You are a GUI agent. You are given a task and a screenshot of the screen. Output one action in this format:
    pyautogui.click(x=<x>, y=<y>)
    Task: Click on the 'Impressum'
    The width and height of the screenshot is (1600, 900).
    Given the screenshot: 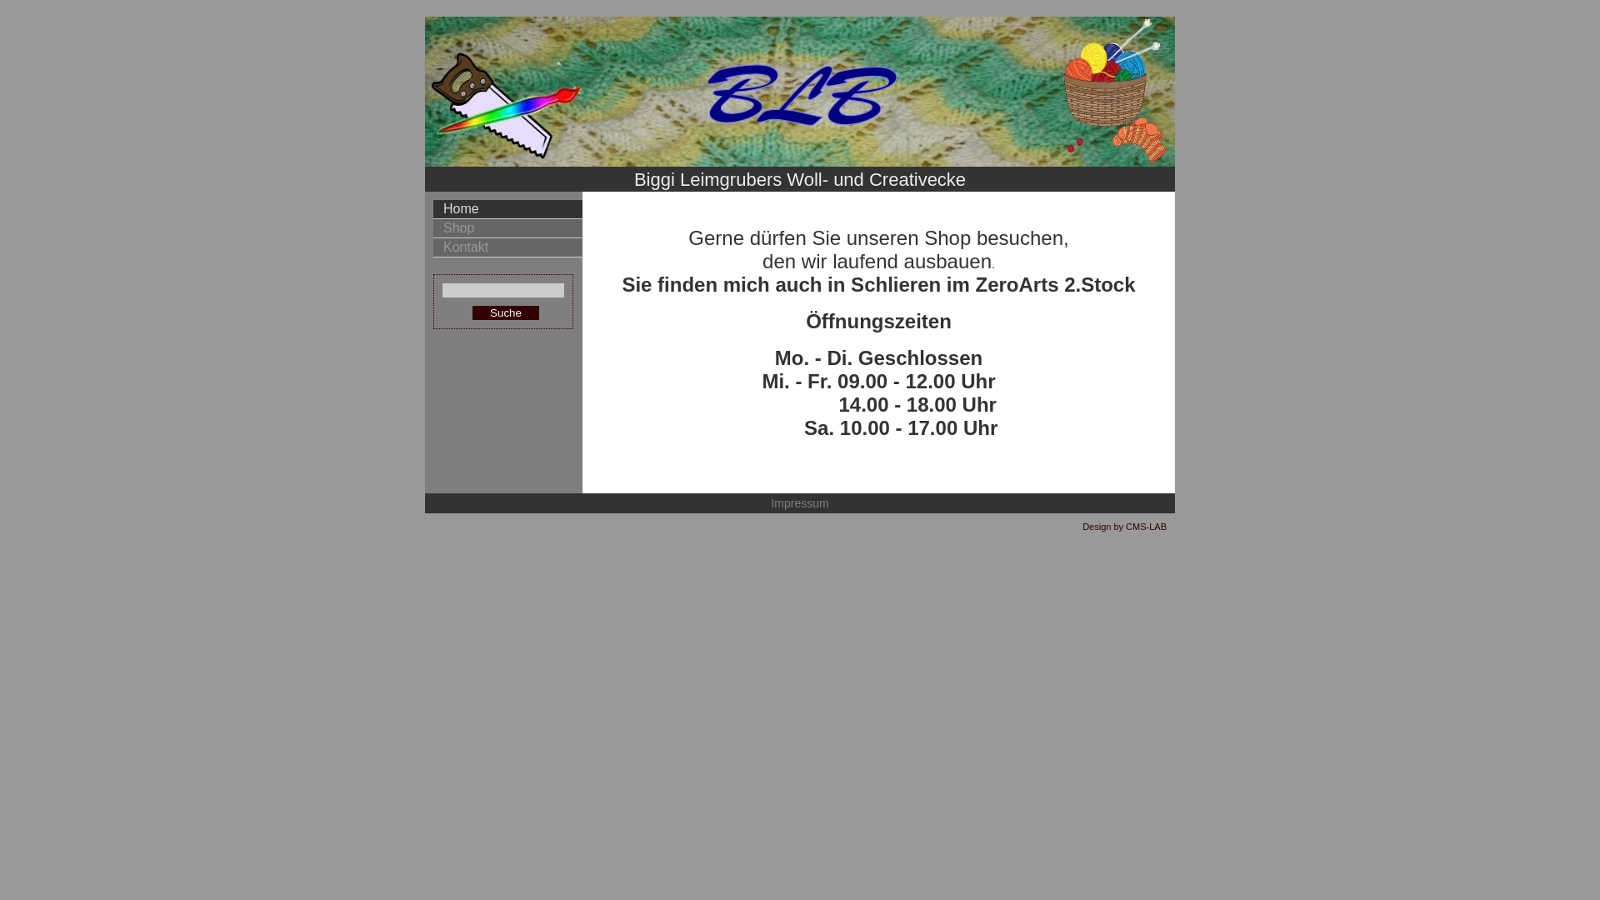 What is the action you would take?
    pyautogui.click(x=798, y=502)
    